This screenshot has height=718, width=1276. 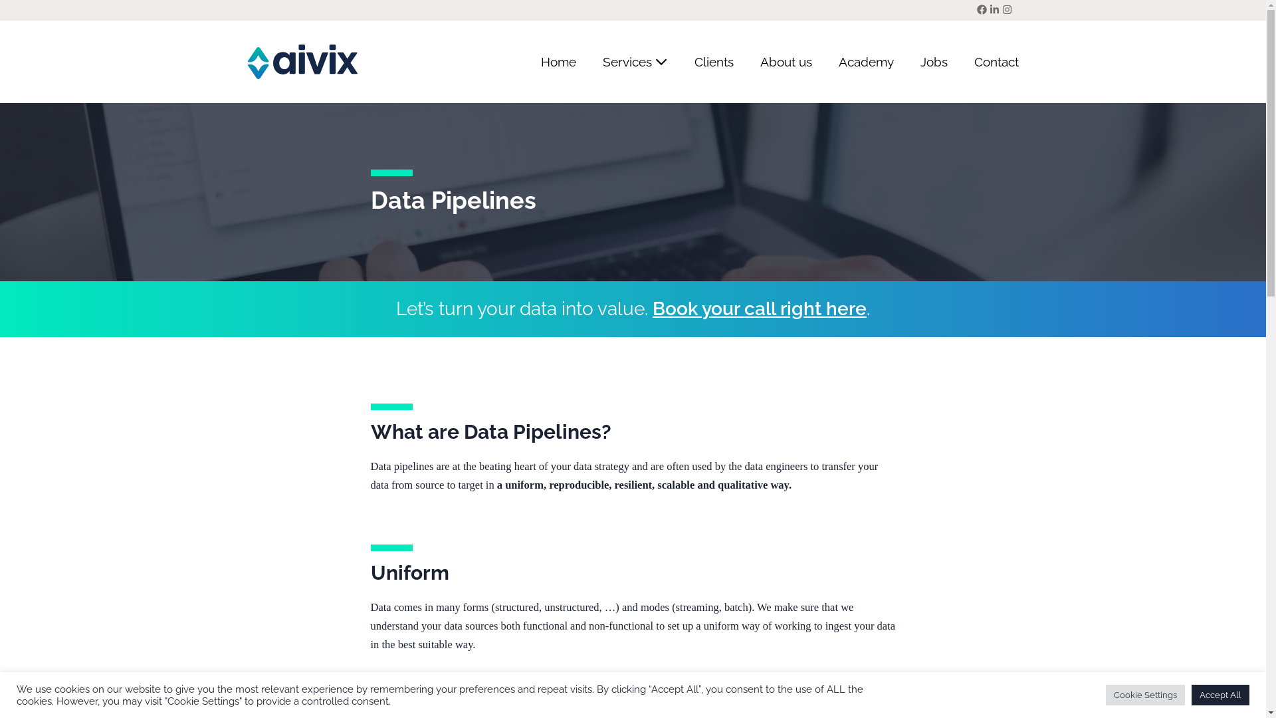 What do you see at coordinates (712, 61) in the screenshot?
I see `'Clients'` at bounding box center [712, 61].